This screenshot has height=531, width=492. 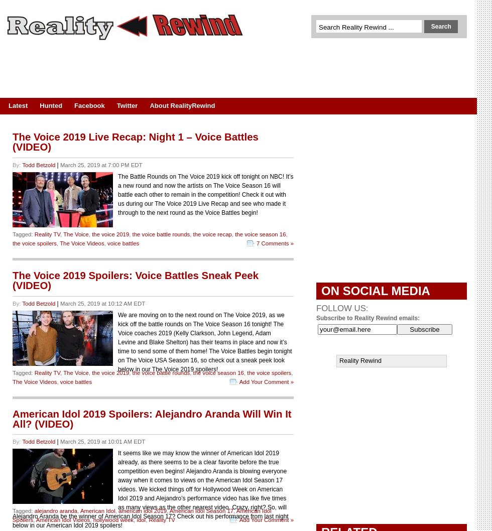 What do you see at coordinates (135, 280) in the screenshot?
I see `'The Voice 2019 Spoilers: Voice Battles Sneak Peek (VIDEO)'` at bounding box center [135, 280].